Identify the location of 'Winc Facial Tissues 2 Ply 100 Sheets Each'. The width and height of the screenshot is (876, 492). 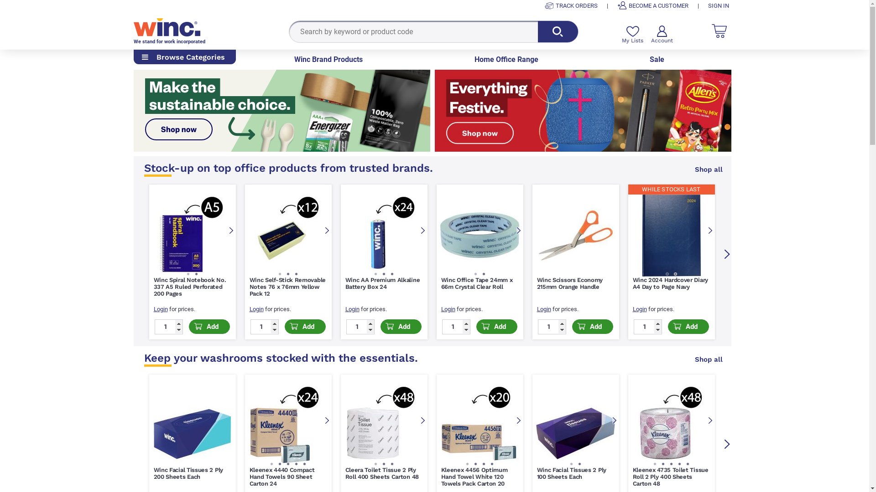
(571, 472).